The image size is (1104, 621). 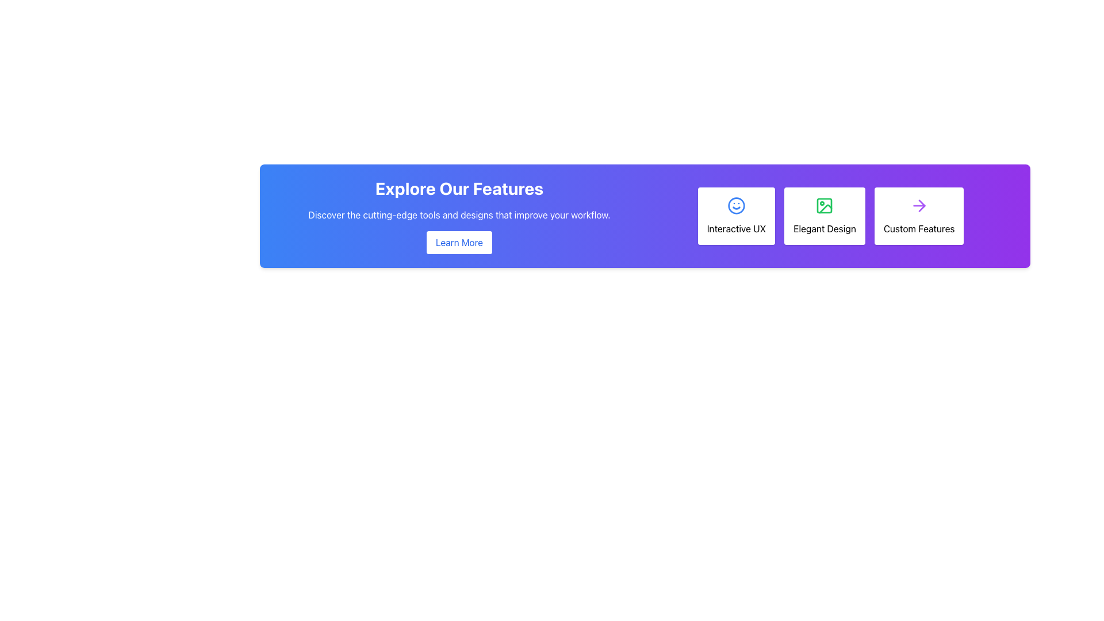 I want to click on the third icon representing image features with a green border, part of the 'Elegant Design' feature icons, so click(x=825, y=209).